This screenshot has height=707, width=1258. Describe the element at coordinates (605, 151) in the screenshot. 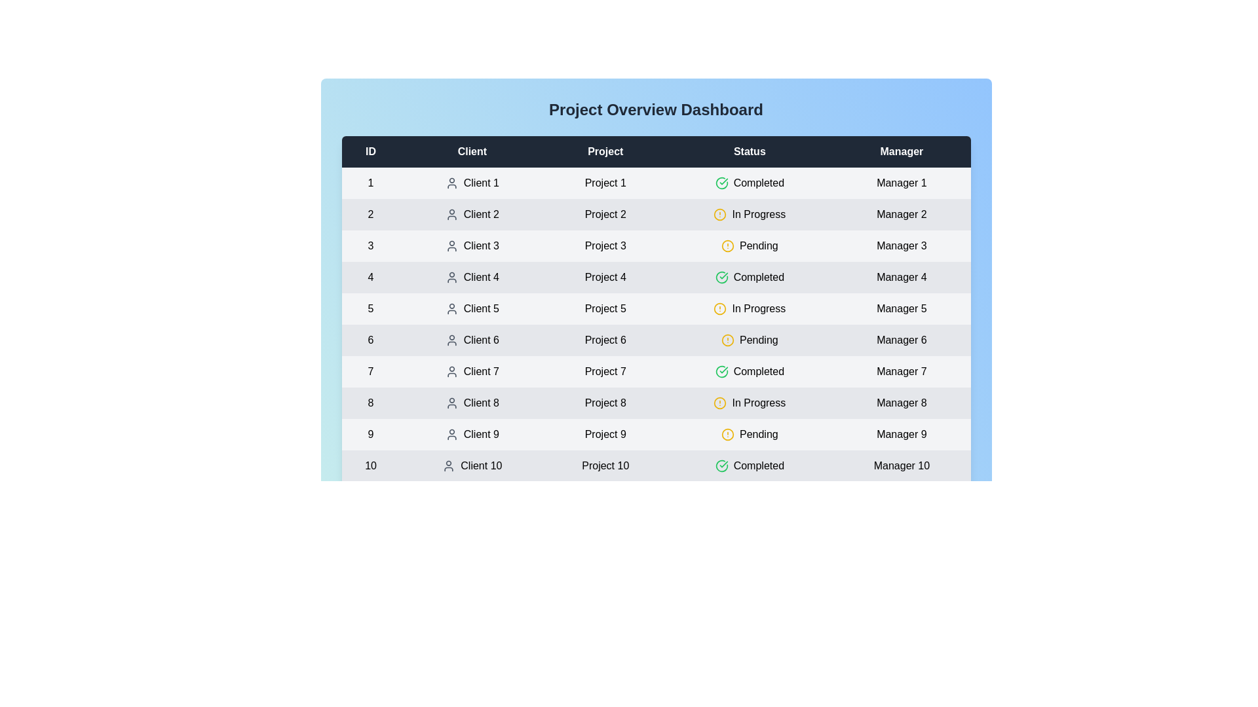

I see `the table header Project to sort the column` at that location.